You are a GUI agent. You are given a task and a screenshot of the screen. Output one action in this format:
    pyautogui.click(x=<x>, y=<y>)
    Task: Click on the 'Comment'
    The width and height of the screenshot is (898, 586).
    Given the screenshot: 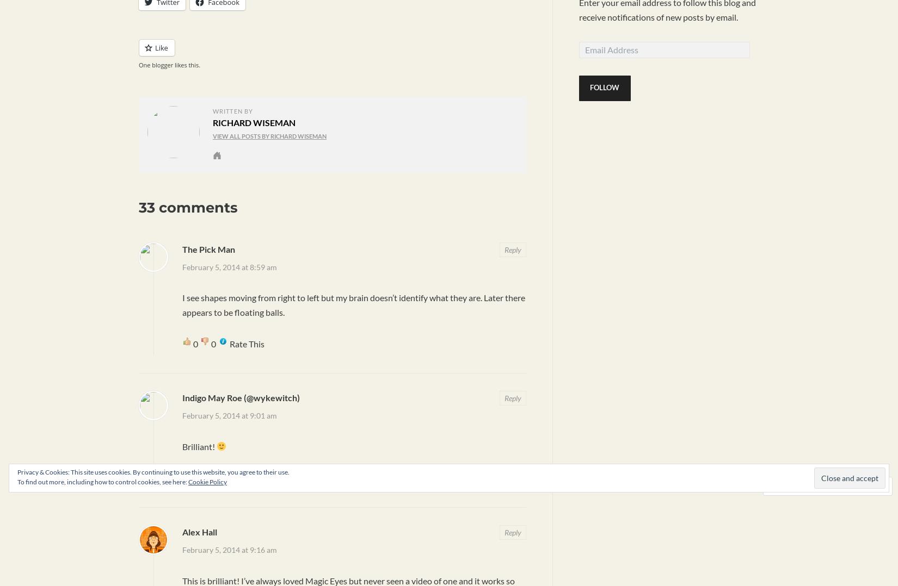 What is the action you would take?
    pyautogui.click(x=799, y=486)
    